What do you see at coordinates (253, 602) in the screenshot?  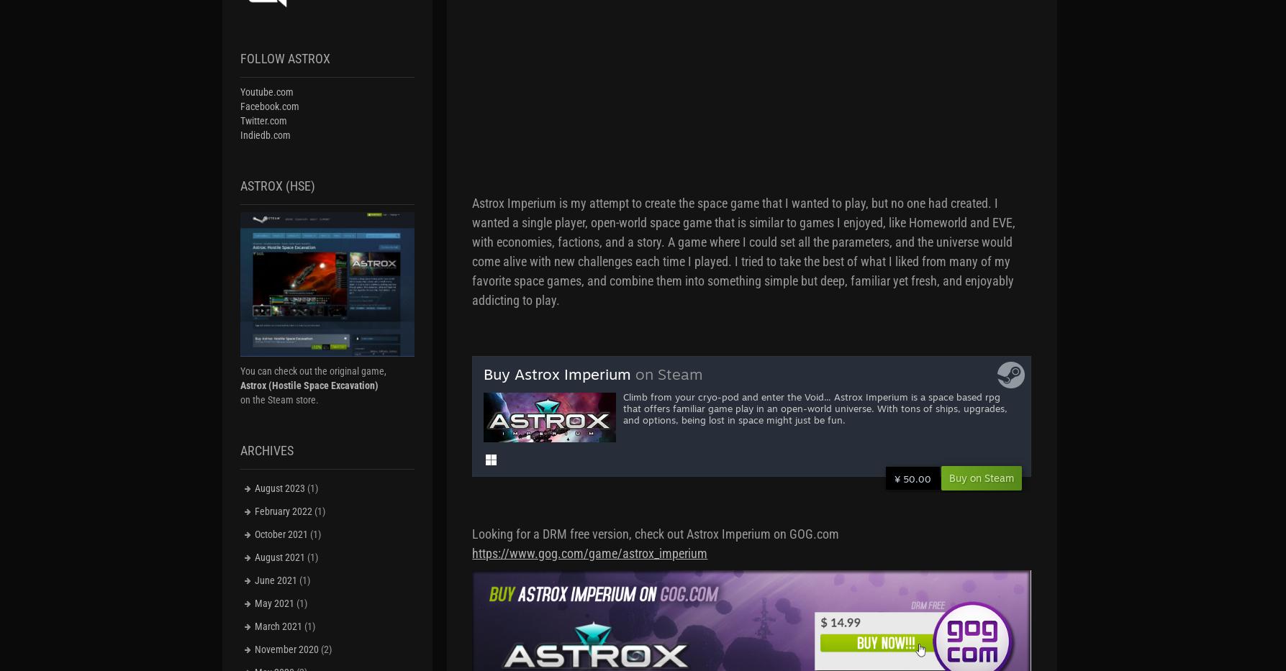 I see `'May 2021'` at bounding box center [253, 602].